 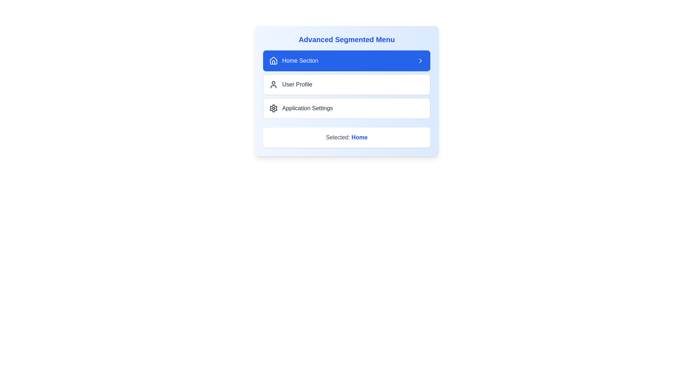 What do you see at coordinates (420, 61) in the screenshot?
I see `the chevron icon on the blue 'Home Section' button` at bounding box center [420, 61].